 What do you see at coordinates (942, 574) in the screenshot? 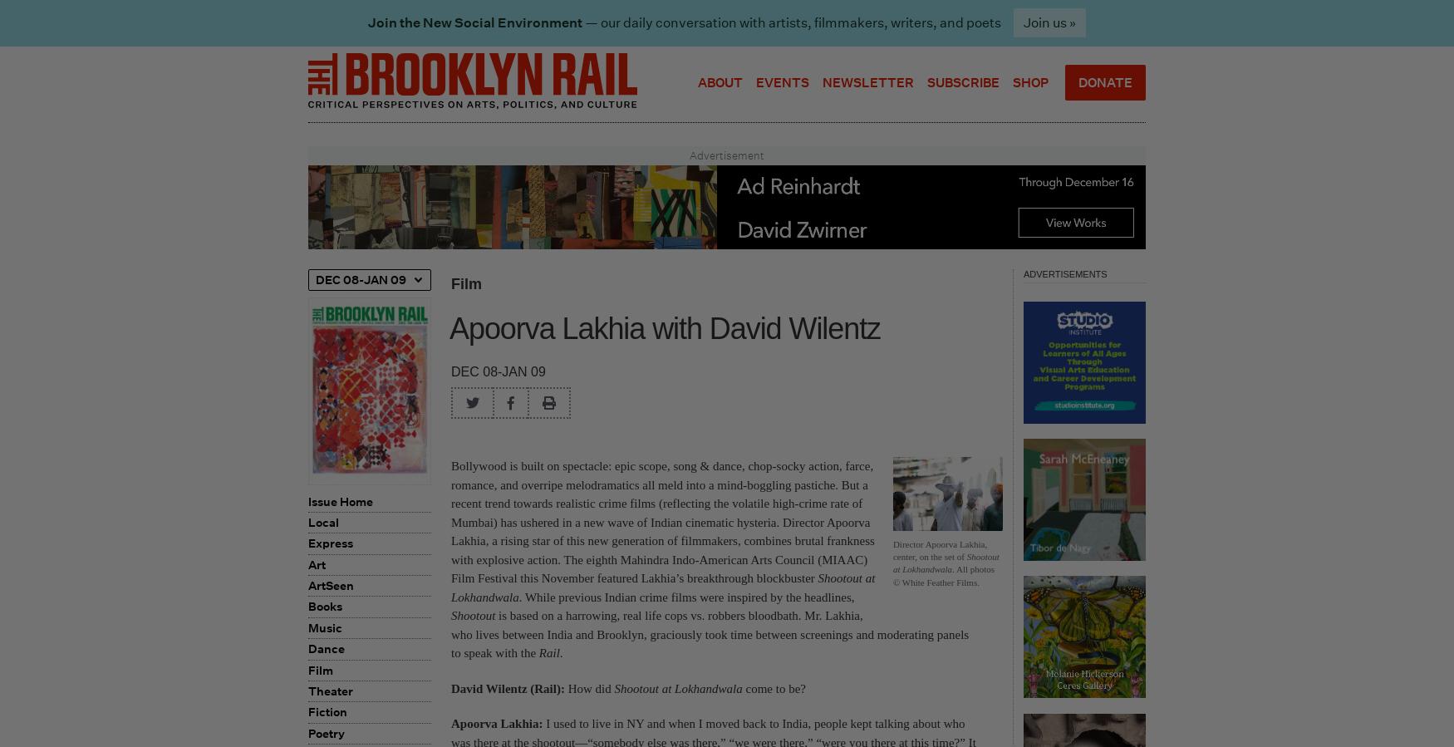
I see `'. All photos © White Feather Films.'` at bounding box center [942, 574].